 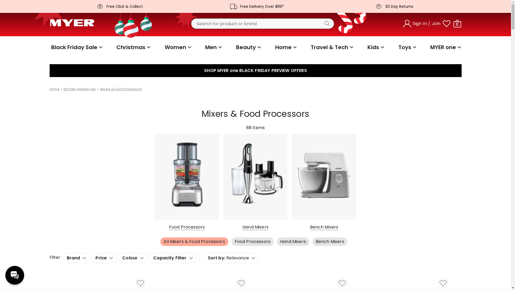 I want to click on 'MYER one', so click(x=445, y=47).